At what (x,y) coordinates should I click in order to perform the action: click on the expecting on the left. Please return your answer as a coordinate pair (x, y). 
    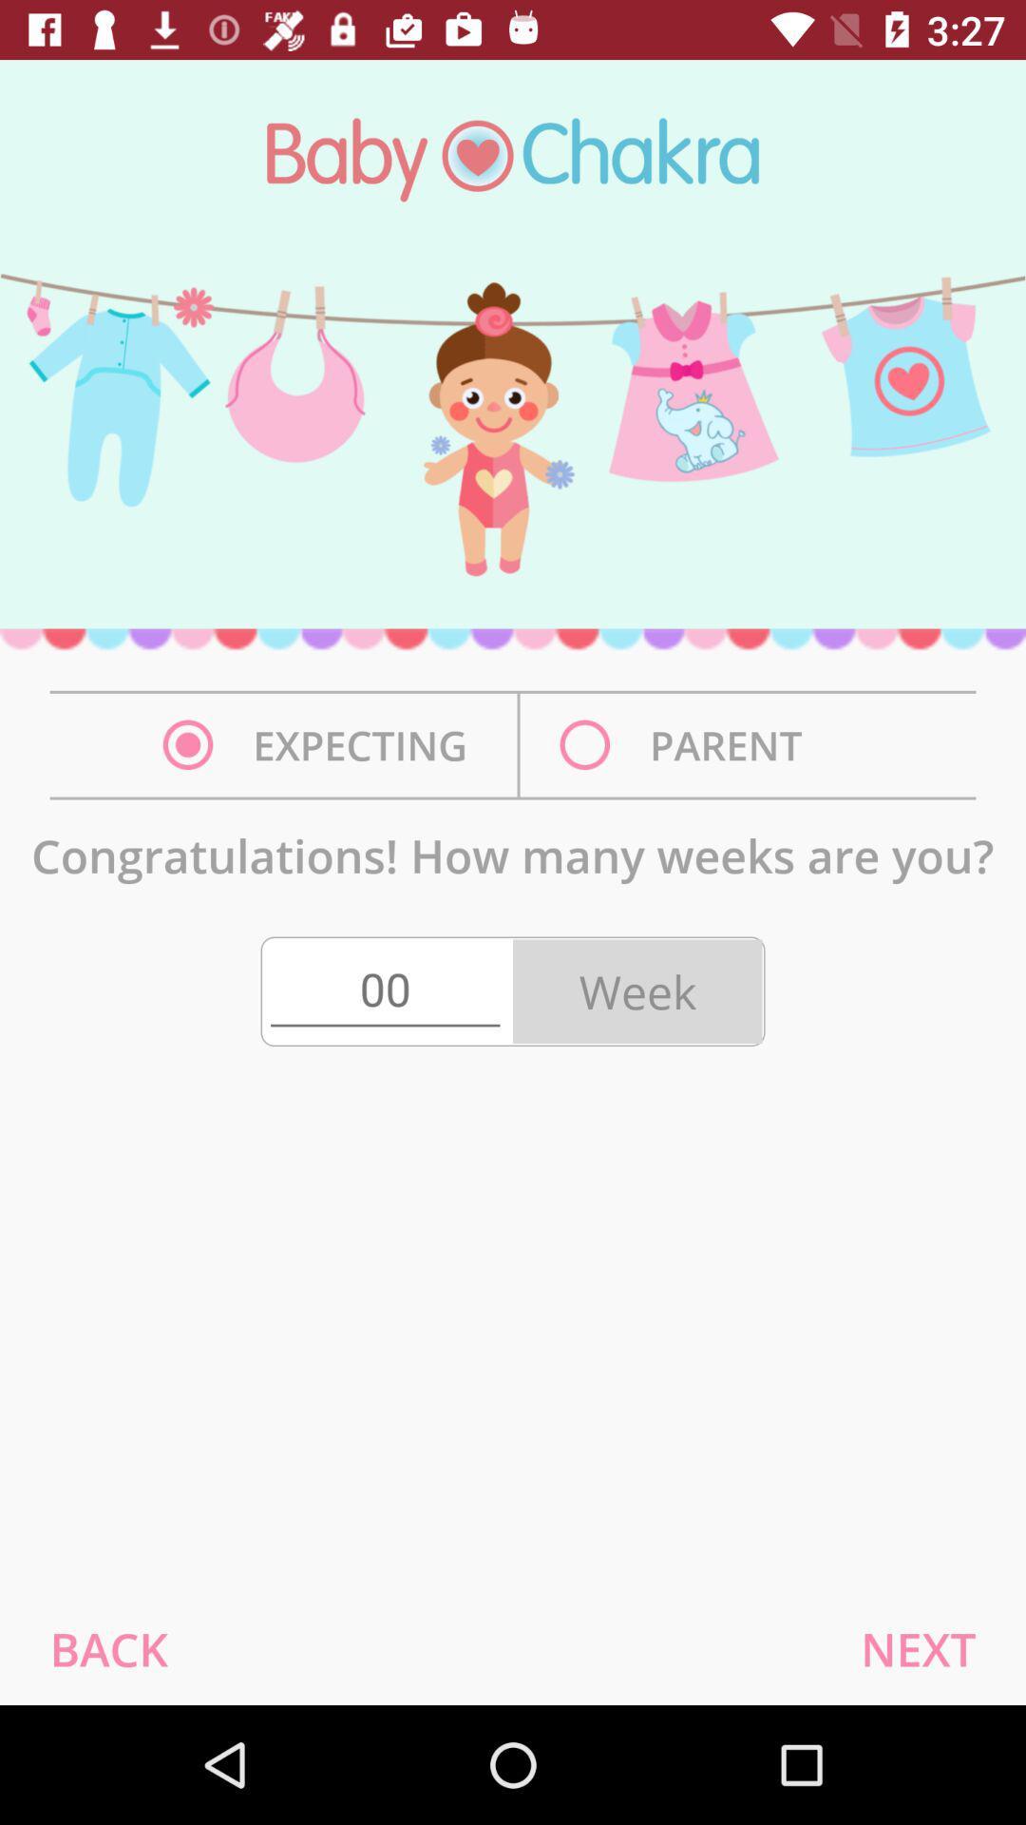
    Looking at the image, I should click on (319, 744).